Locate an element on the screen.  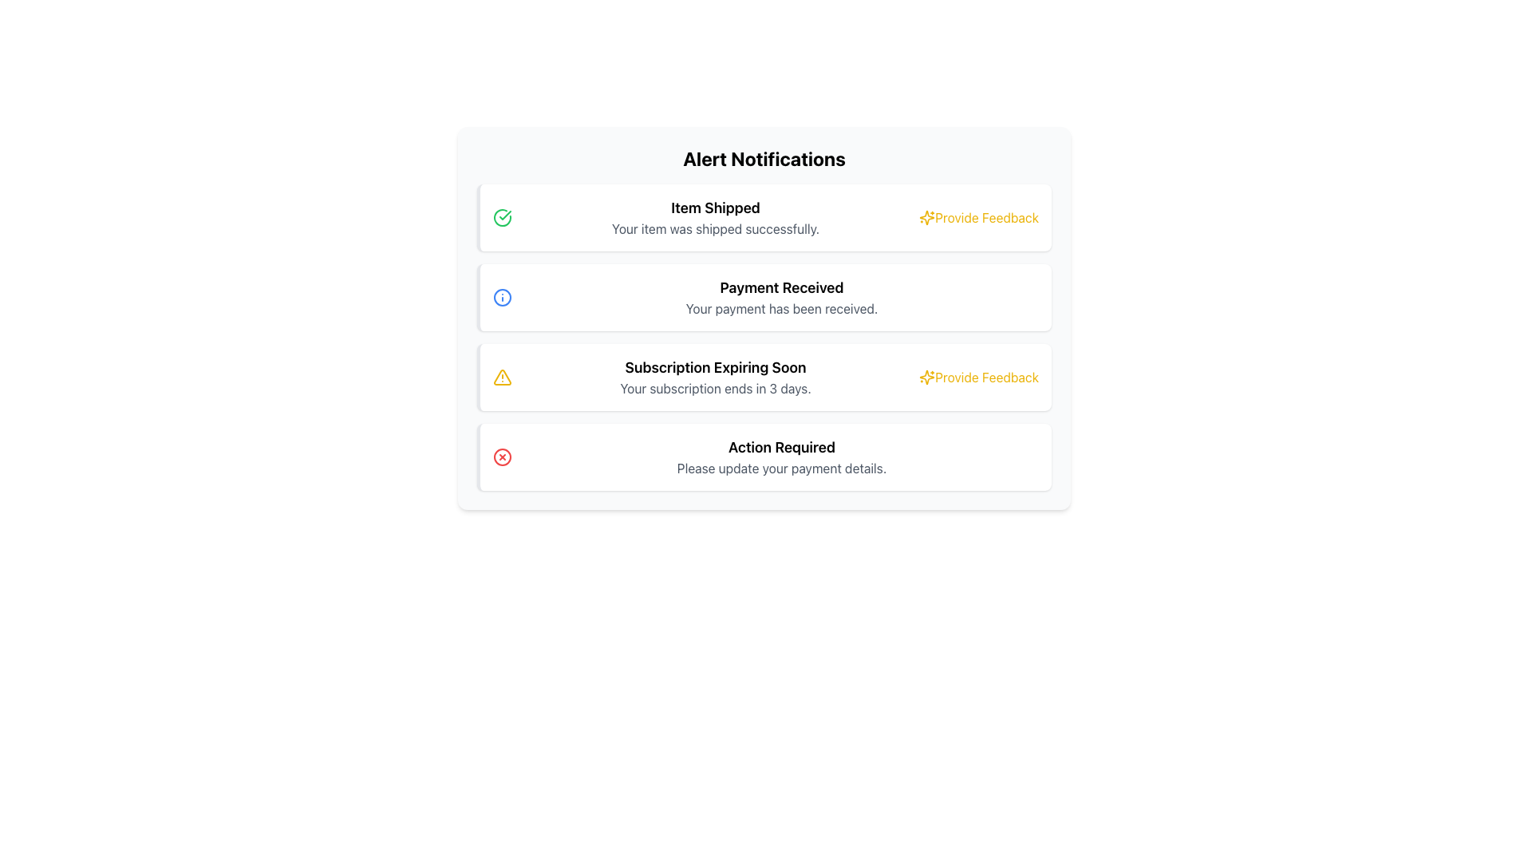
the checkmark graphical icon within the topmost notification item under 'Alert Notifications', indicating that an item has been shipped is located at coordinates (504, 215).